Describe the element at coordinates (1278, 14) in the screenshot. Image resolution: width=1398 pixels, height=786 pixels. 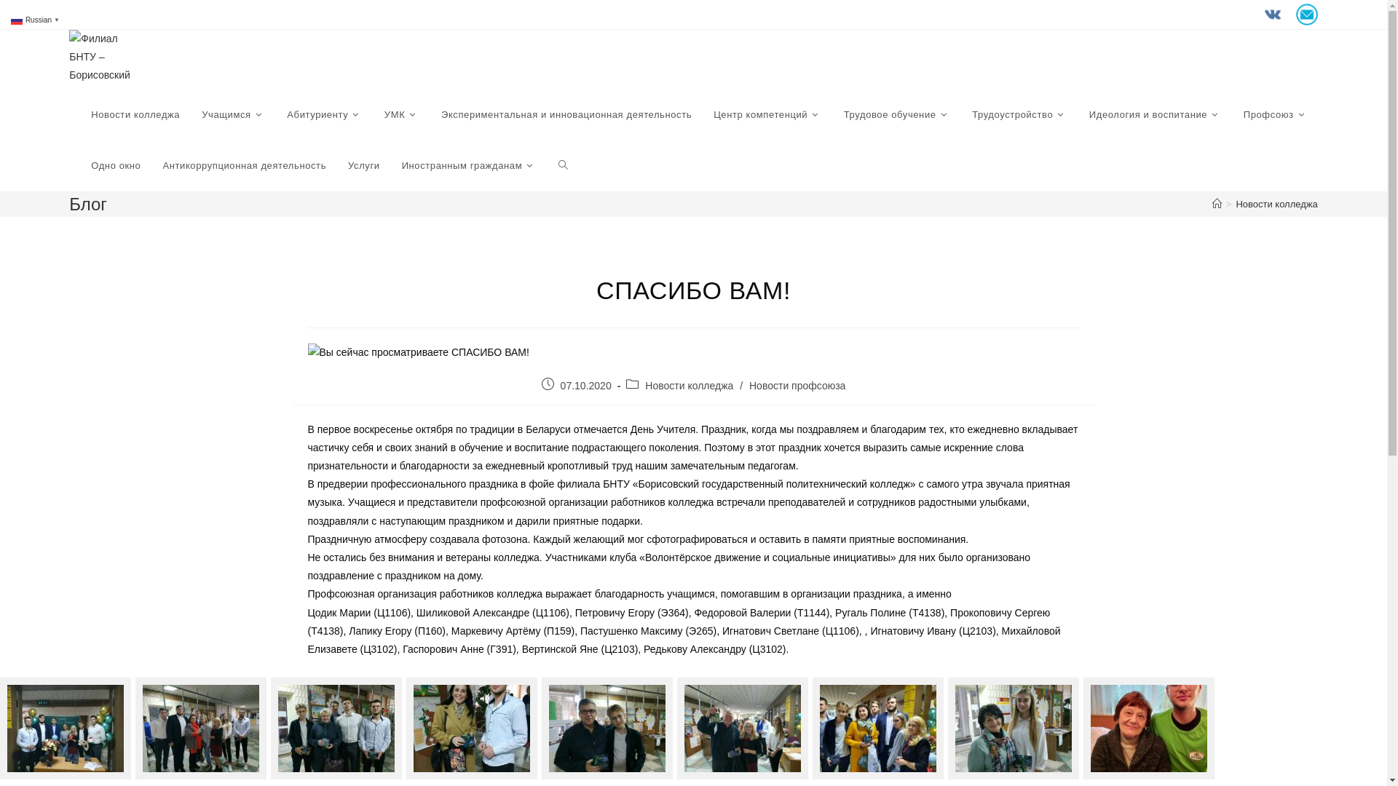
I see `'   '` at that location.